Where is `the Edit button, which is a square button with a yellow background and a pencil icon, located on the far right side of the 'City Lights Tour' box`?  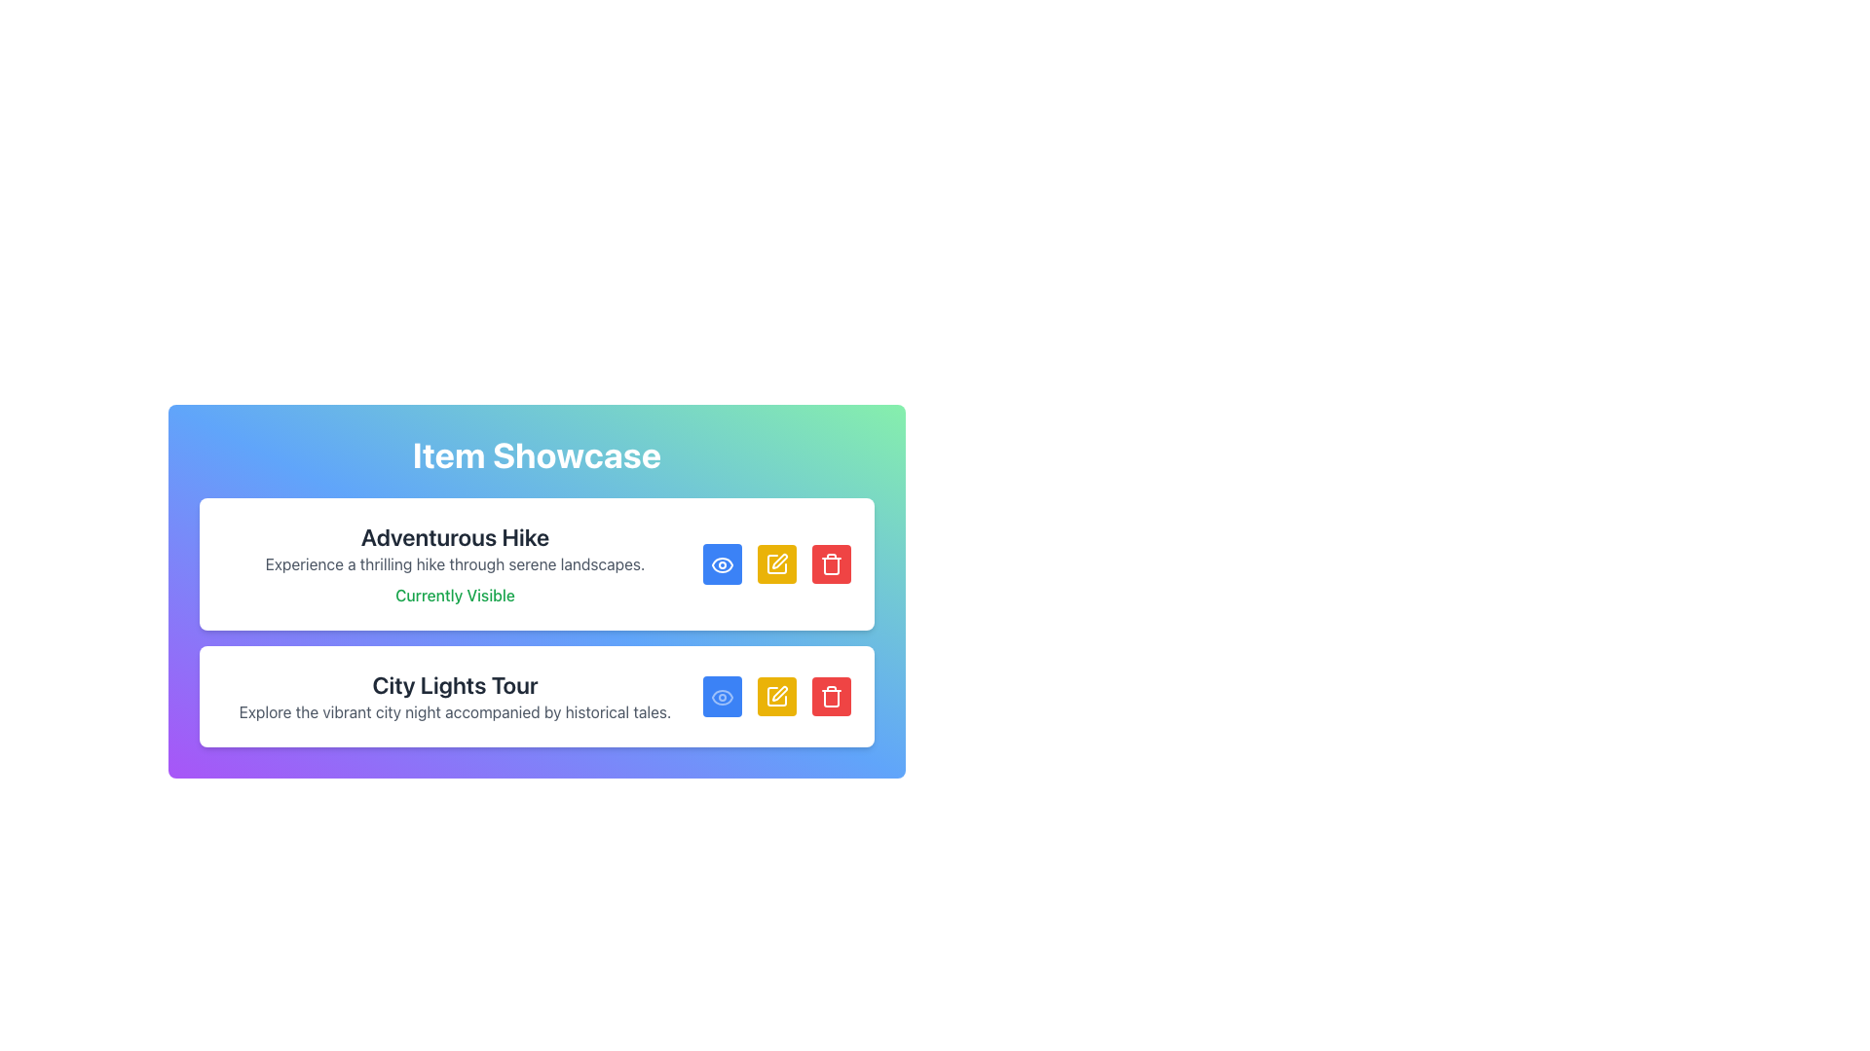
the Edit button, which is a square button with a yellow background and a pencil icon, located on the far right side of the 'City Lights Tour' box is located at coordinates (775, 696).